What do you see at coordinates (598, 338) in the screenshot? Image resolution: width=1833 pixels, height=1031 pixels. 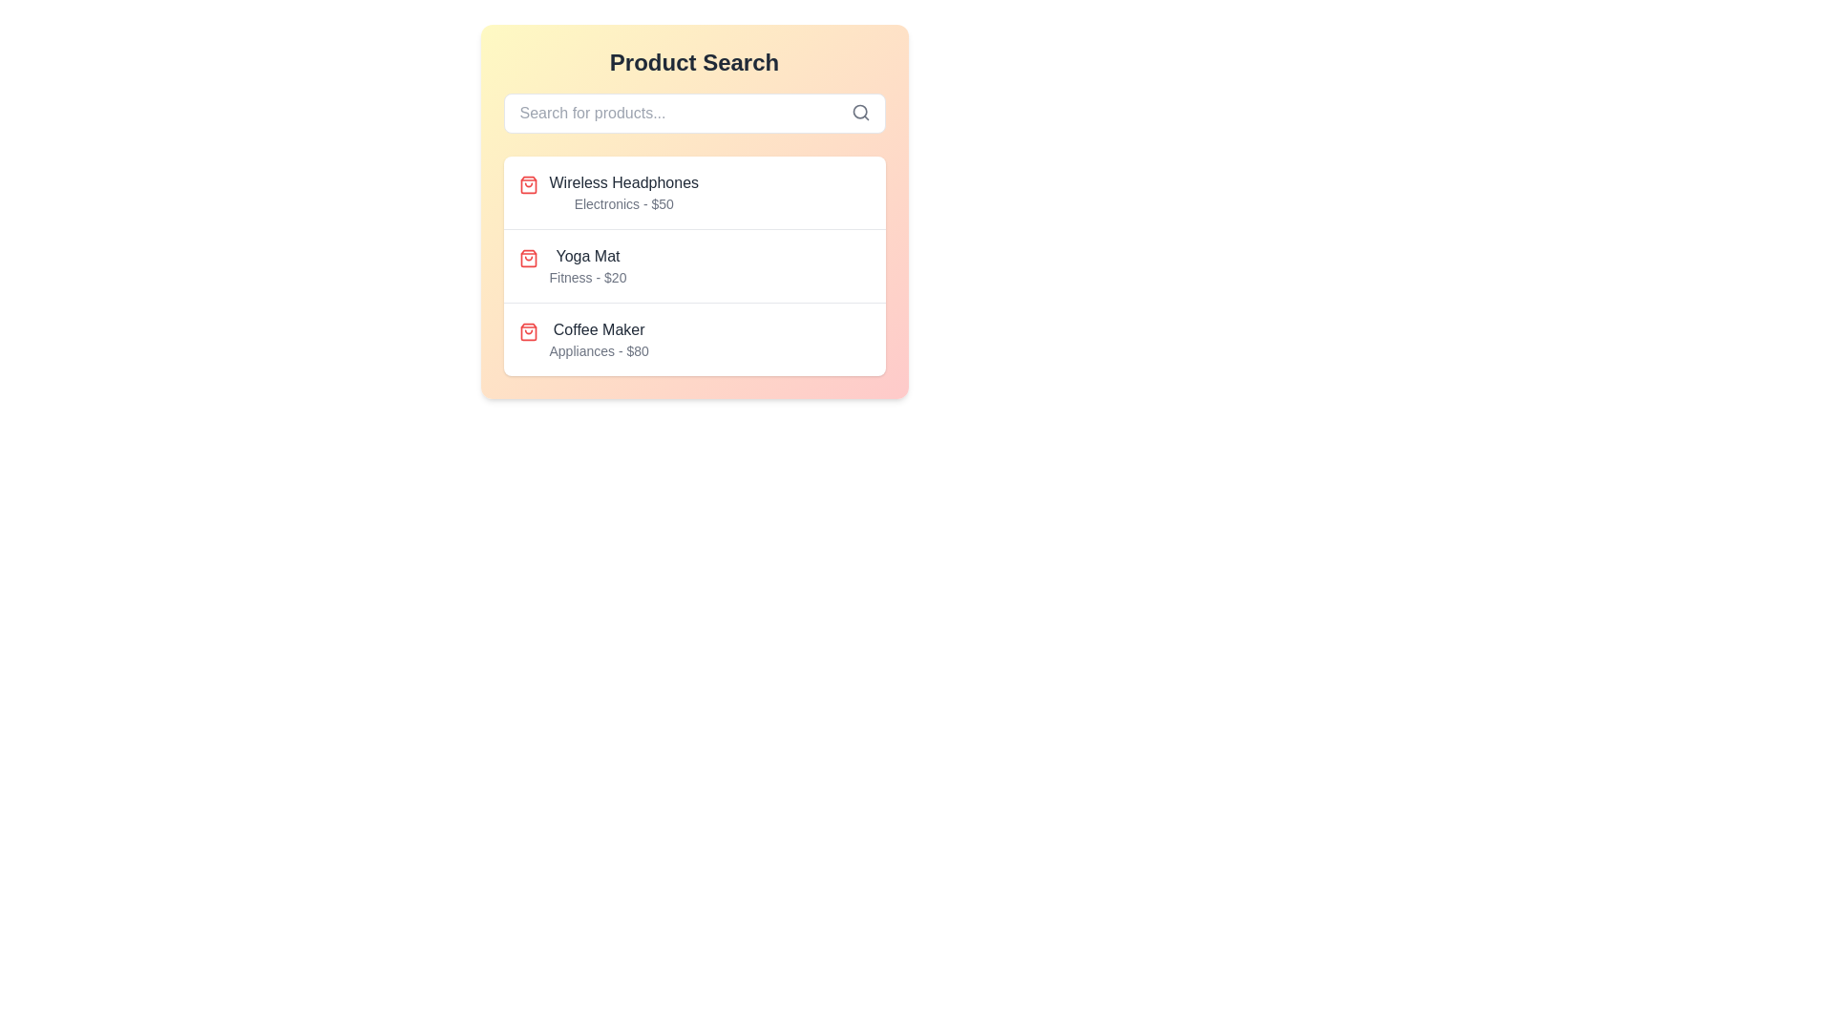 I see `the list item displaying 'Coffee Maker' in the 'Product Search' section using keyboard navigation to focus on it` at bounding box center [598, 338].